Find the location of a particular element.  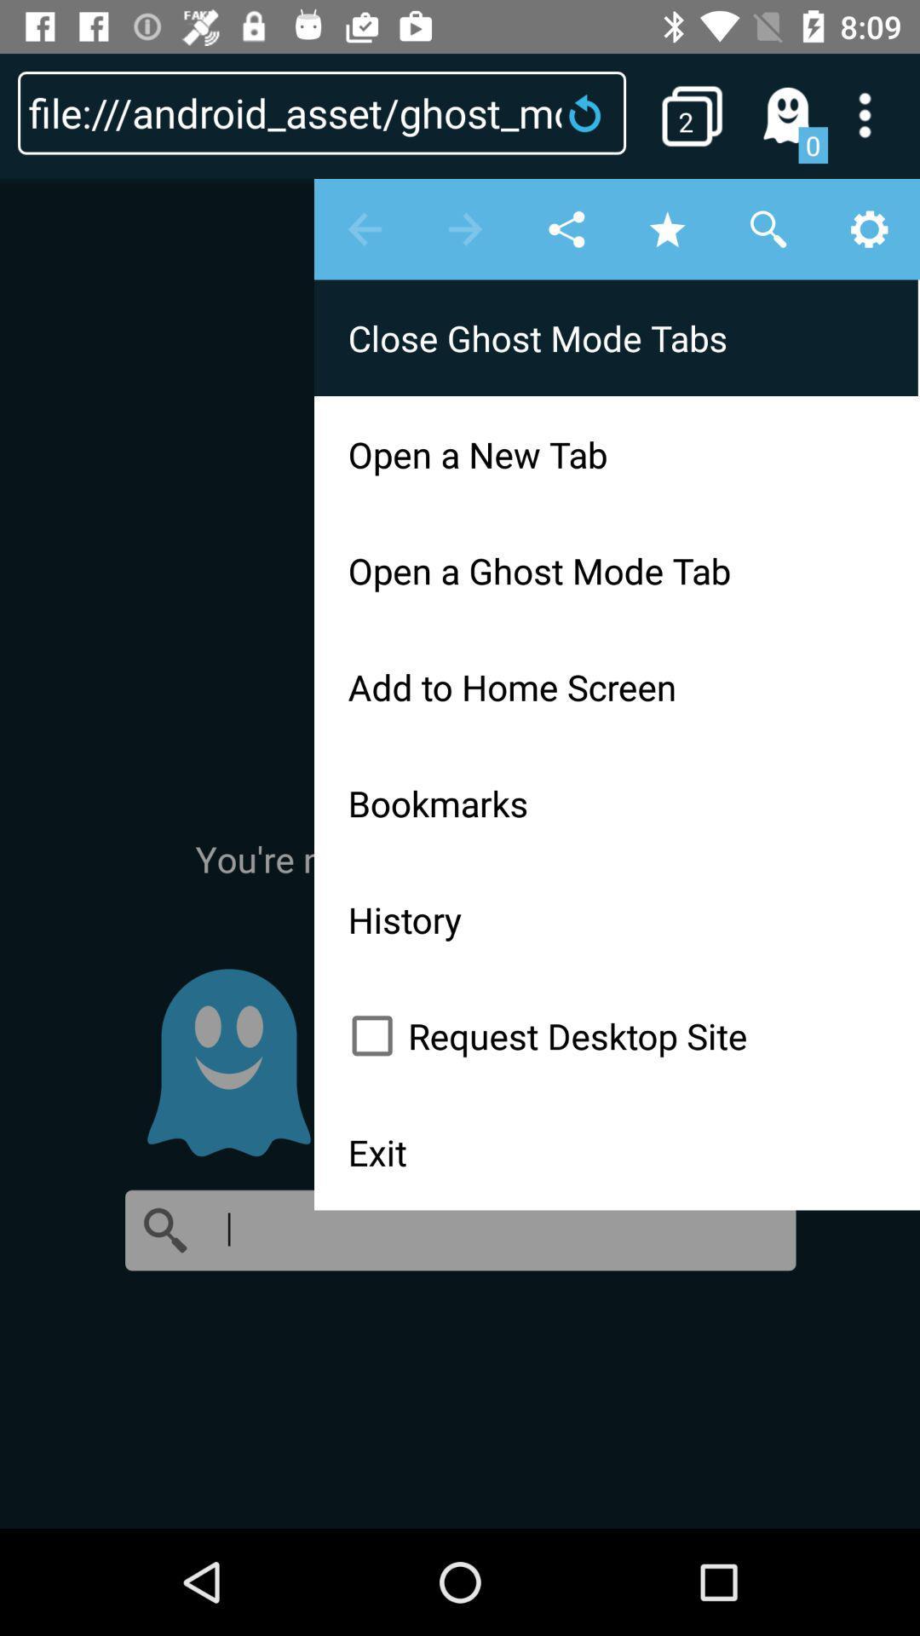

the refresh icon is located at coordinates (589, 112).